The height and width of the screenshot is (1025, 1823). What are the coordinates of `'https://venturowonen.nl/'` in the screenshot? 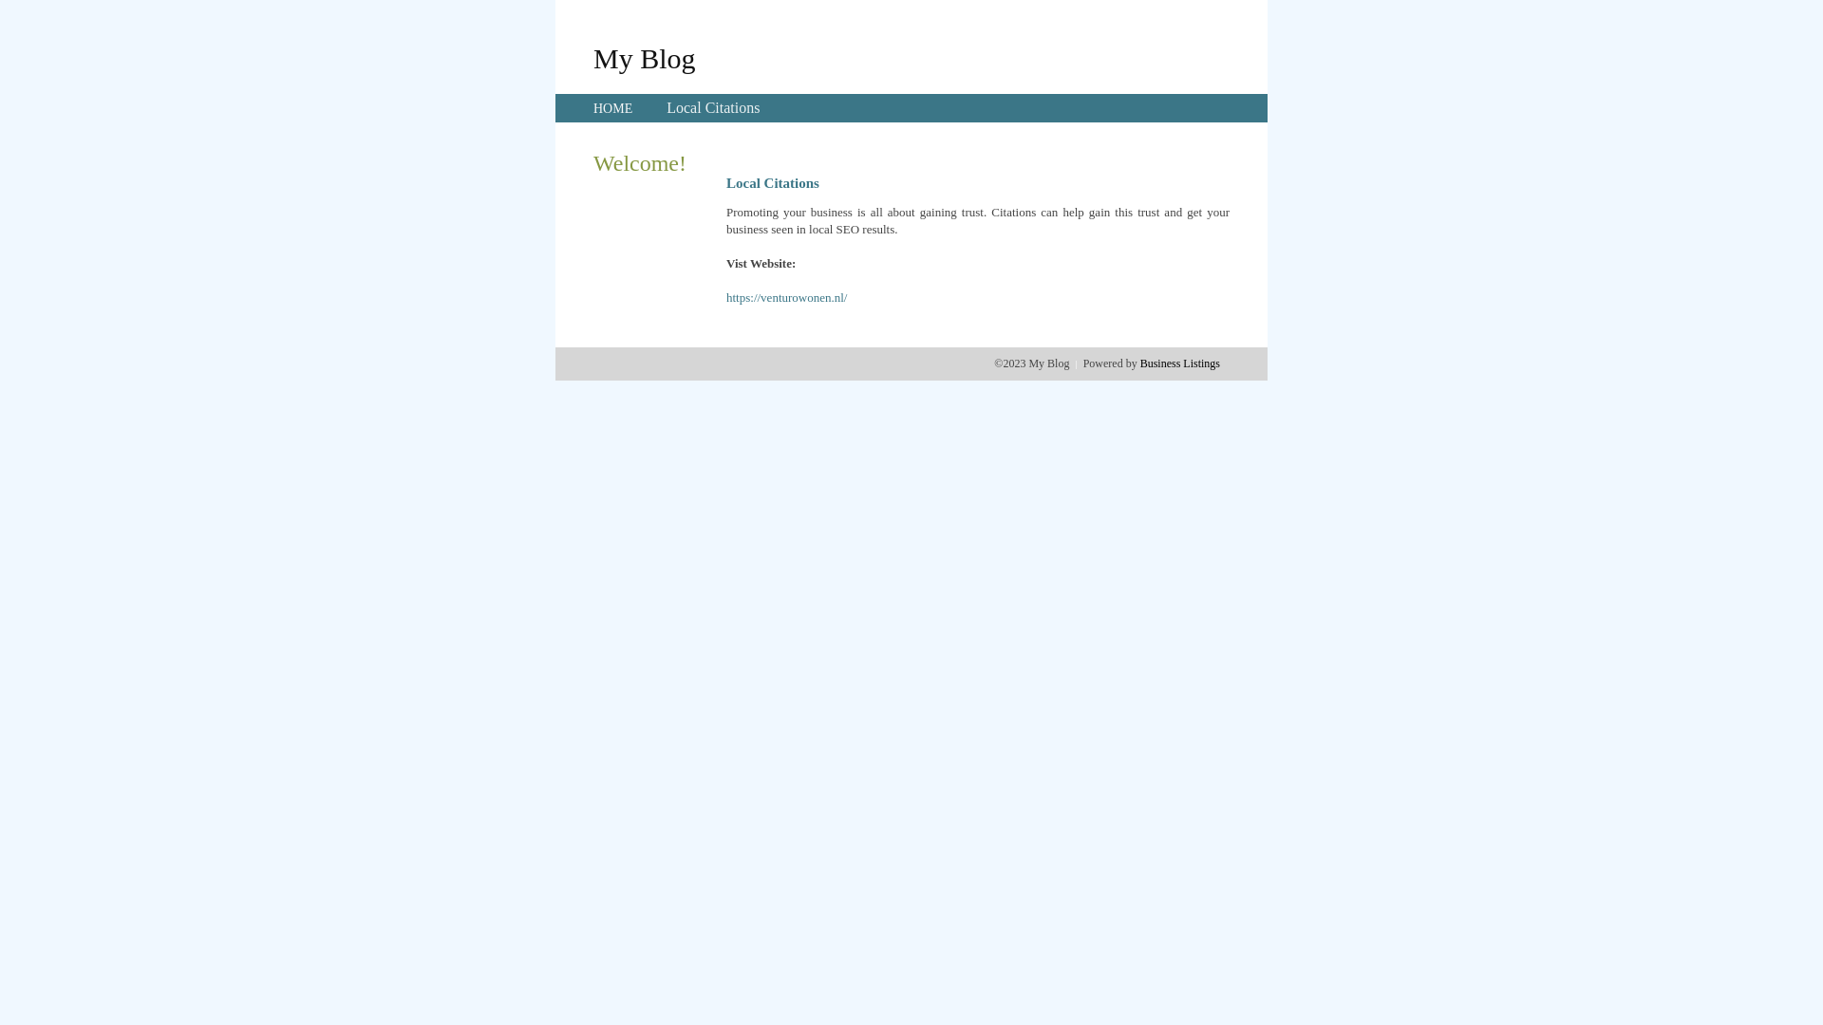 It's located at (786, 297).